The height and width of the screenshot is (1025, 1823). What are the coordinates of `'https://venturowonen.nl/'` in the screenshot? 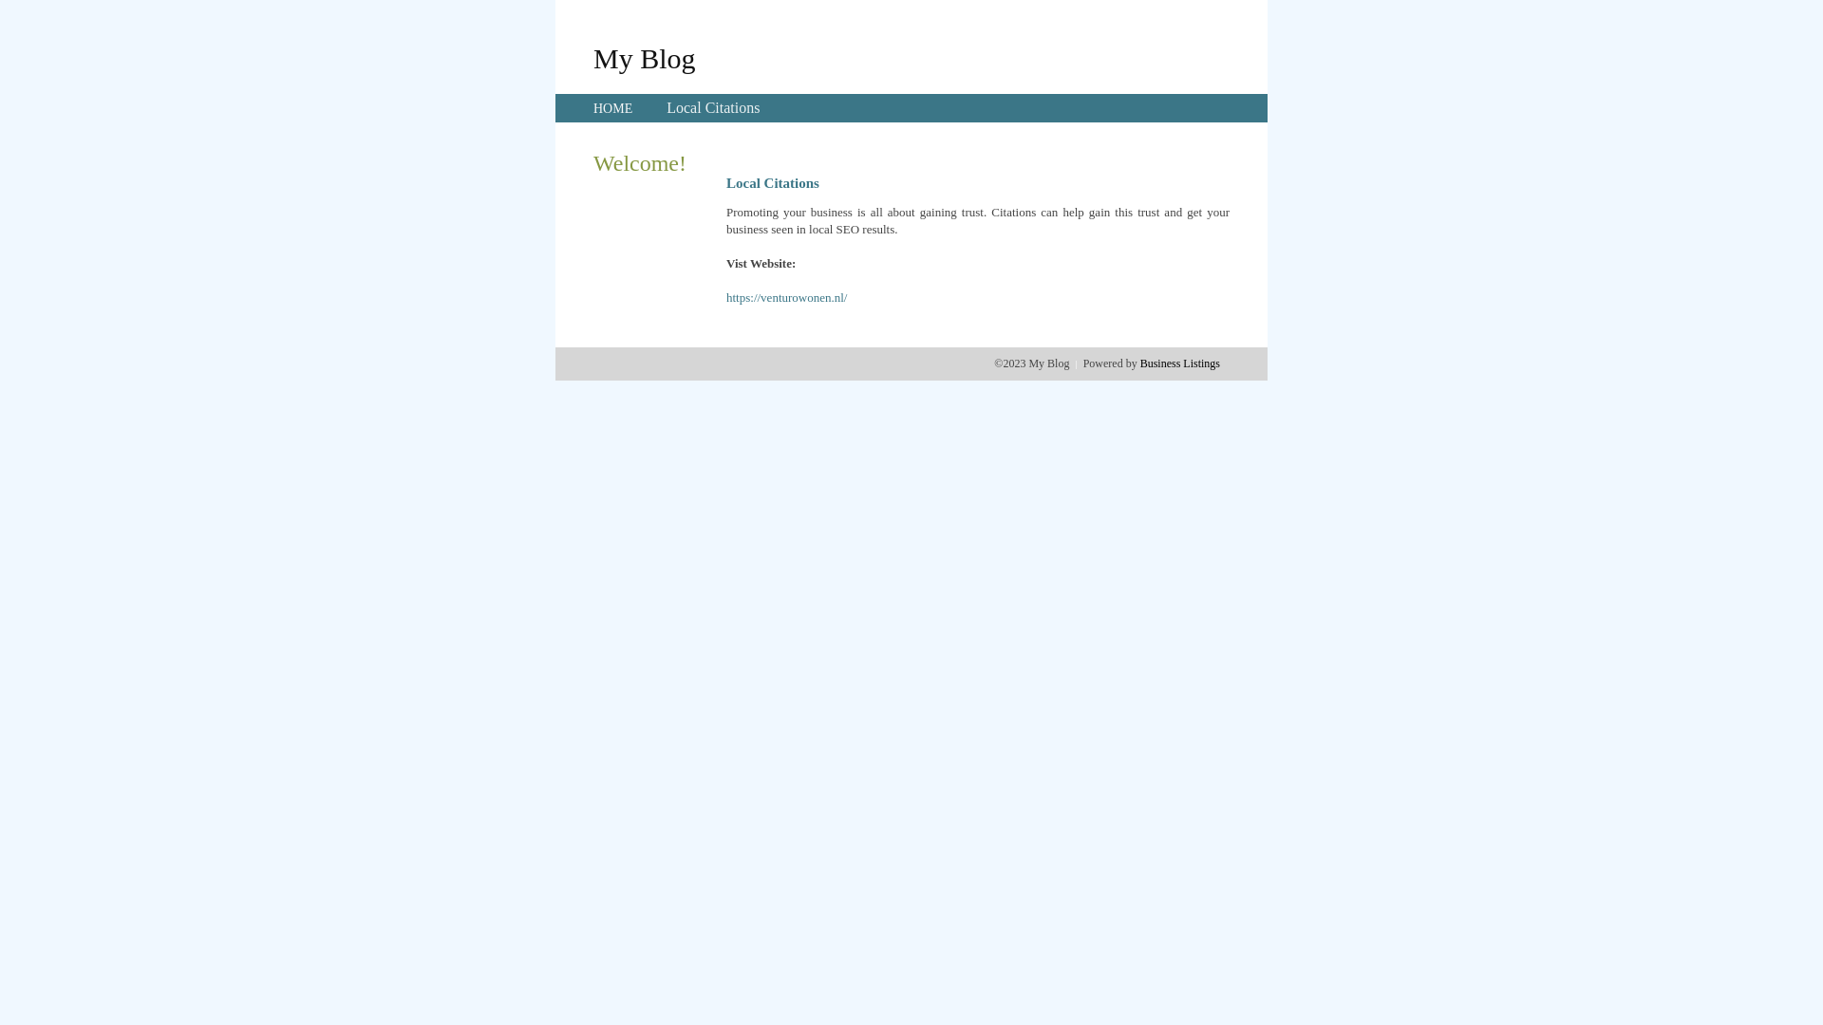 It's located at (786, 297).